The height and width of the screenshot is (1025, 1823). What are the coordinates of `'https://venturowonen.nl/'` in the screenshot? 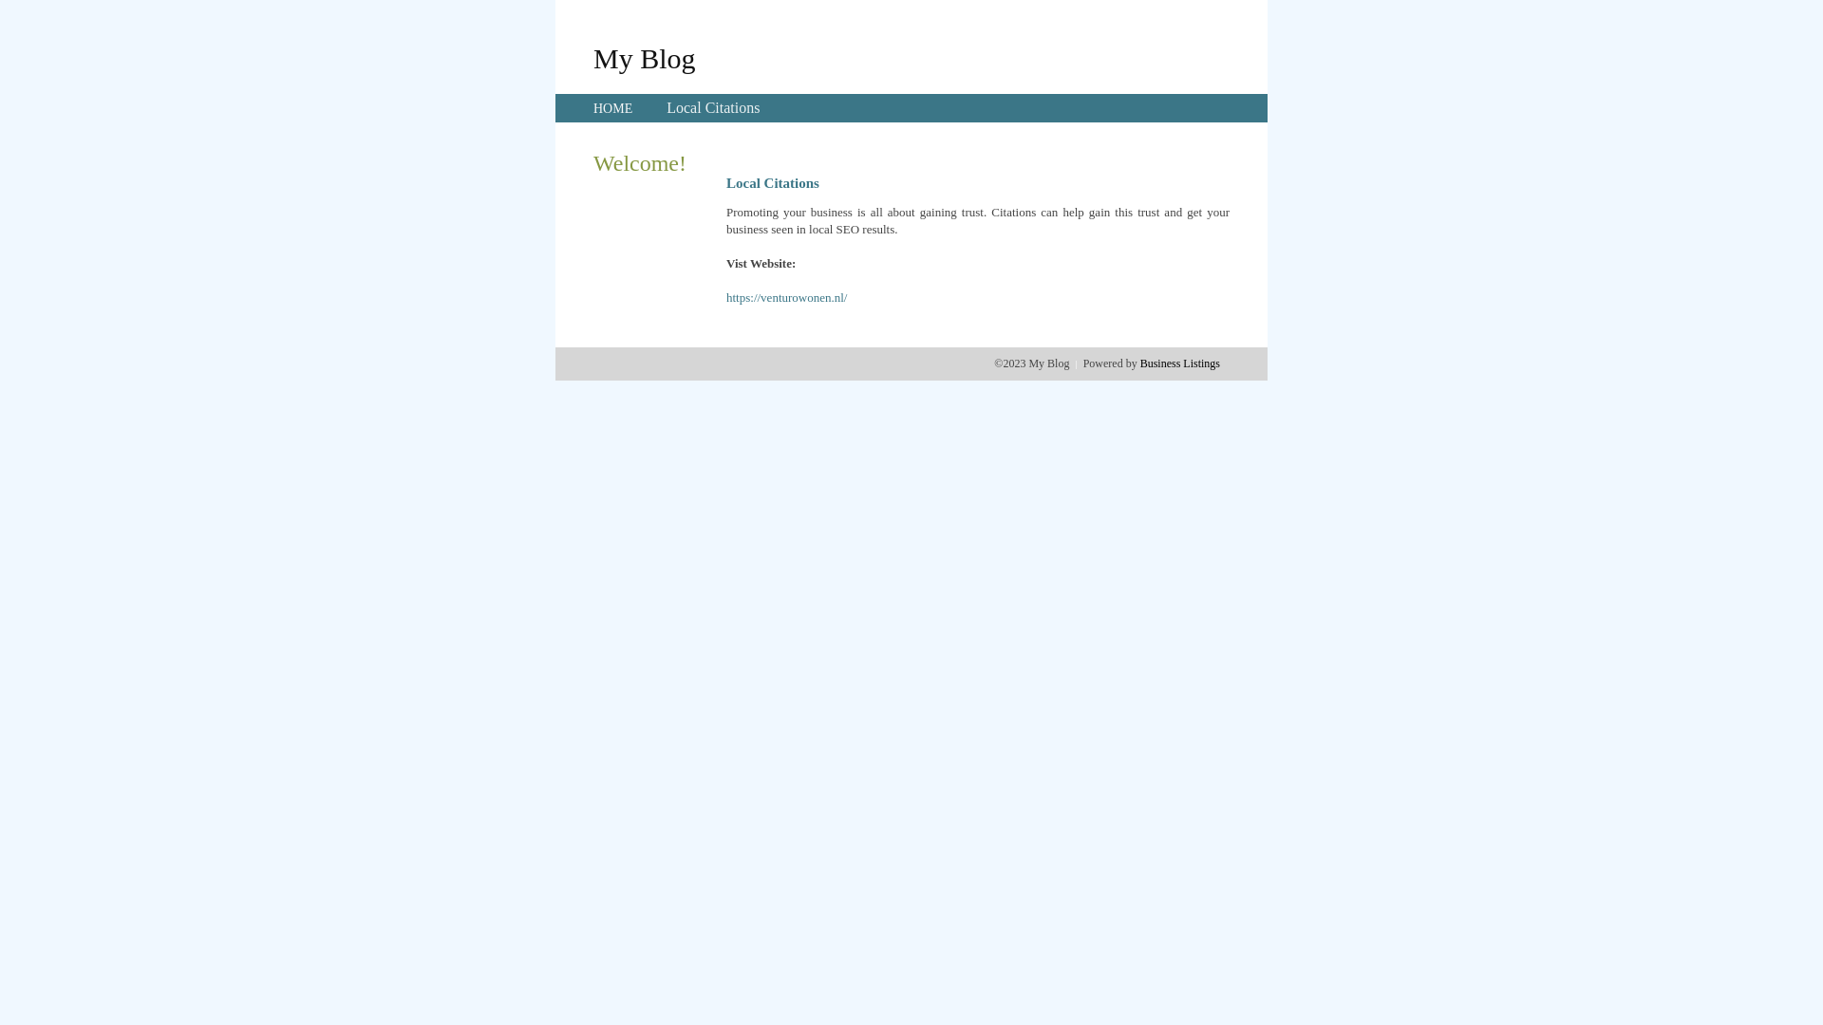 It's located at (786, 297).